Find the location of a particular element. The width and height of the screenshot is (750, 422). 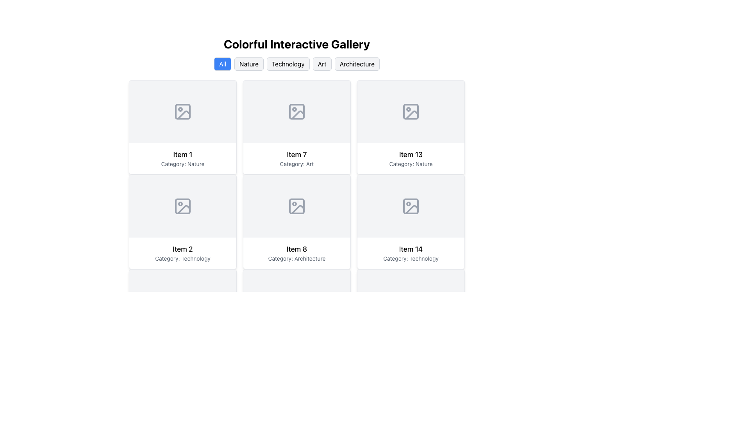

the interactive icons within the semi-transparent overlay that is positioned over the 'Item 7' card in the gallery is located at coordinates (296, 127).